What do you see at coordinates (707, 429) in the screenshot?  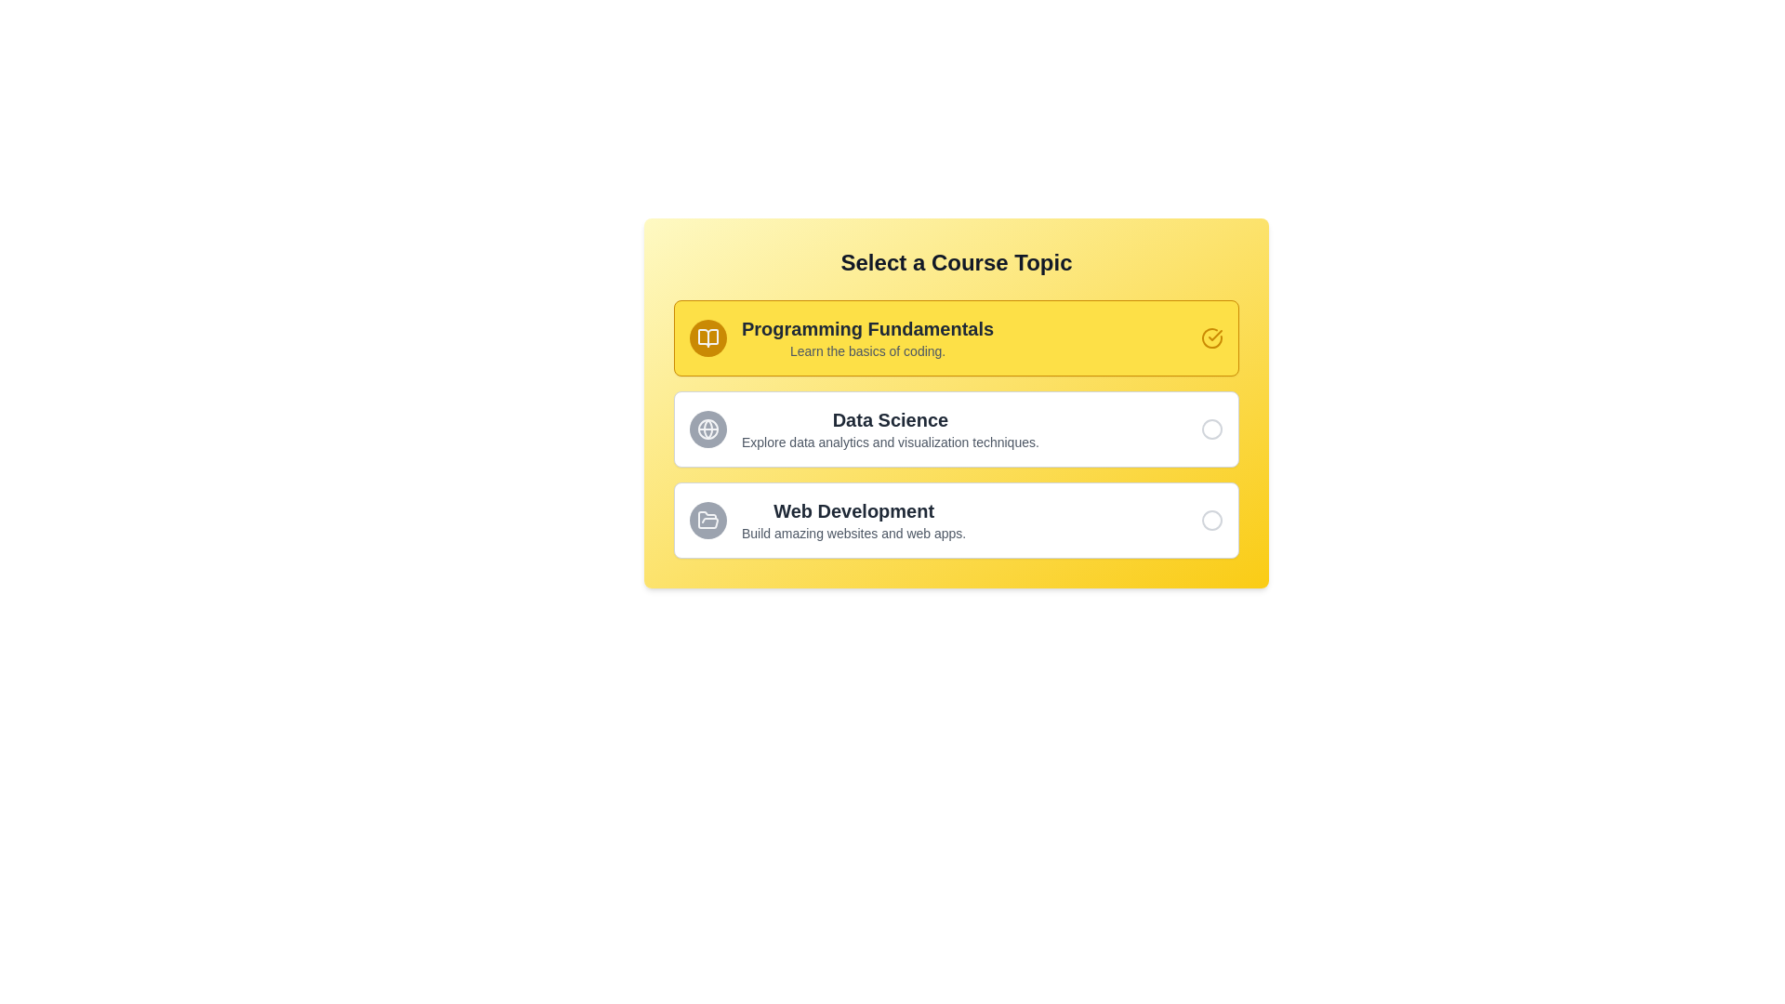 I see `the circular SVG element representing a globe icon located at the center of the bounding box` at bounding box center [707, 429].